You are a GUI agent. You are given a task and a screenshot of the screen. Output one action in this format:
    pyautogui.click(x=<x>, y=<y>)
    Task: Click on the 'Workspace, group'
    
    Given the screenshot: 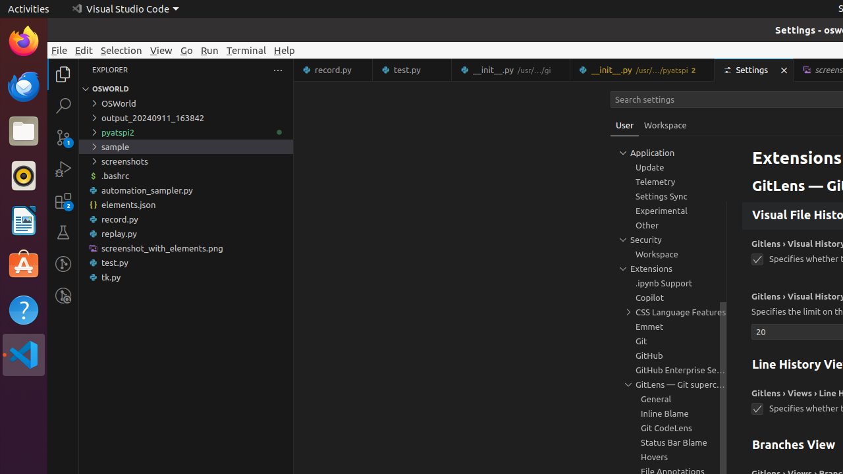 What is the action you would take?
    pyautogui.click(x=668, y=253)
    